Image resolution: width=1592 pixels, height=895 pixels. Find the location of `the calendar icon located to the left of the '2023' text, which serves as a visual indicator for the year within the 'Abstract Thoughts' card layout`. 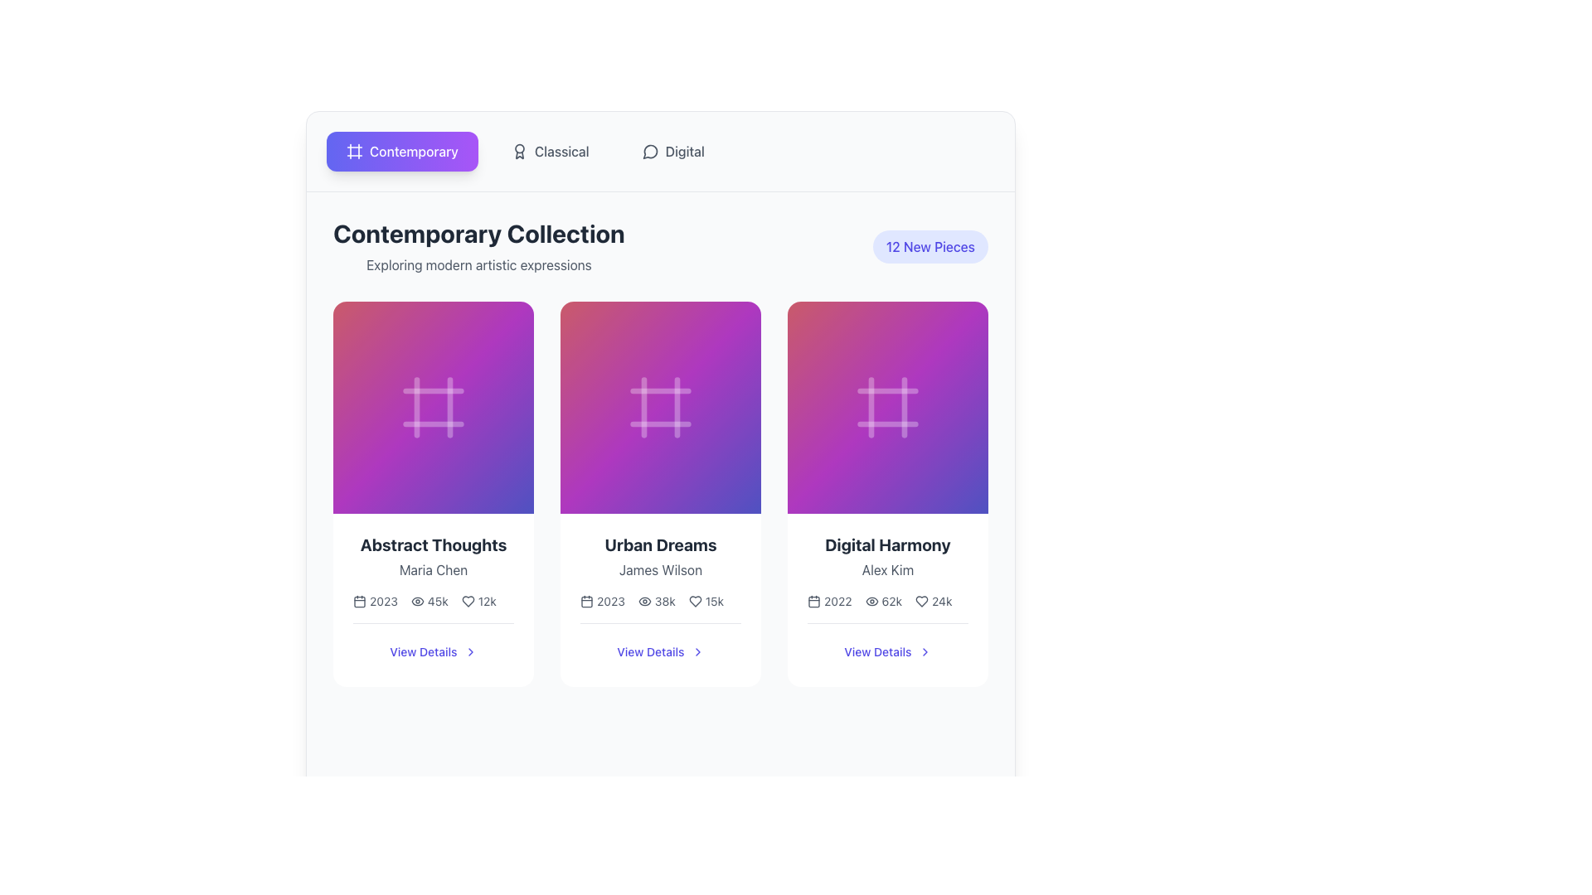

the calendar icon located to the left of the '2023' text, which serves as a visual indicator for the year within the 'Abstract Thoughts' card layout is located at coordinates (358, 601).